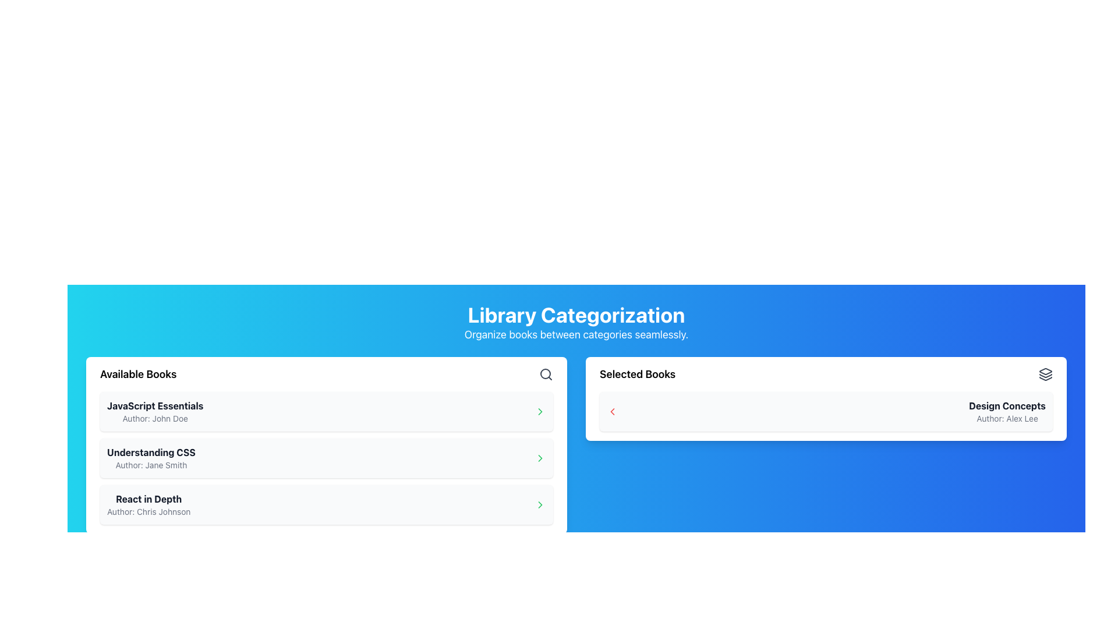  What do you see at coordinates (326, 457) in the screenshot?
I see `the card titled 'Understanding CSS'` at bounding box center [326, 457].